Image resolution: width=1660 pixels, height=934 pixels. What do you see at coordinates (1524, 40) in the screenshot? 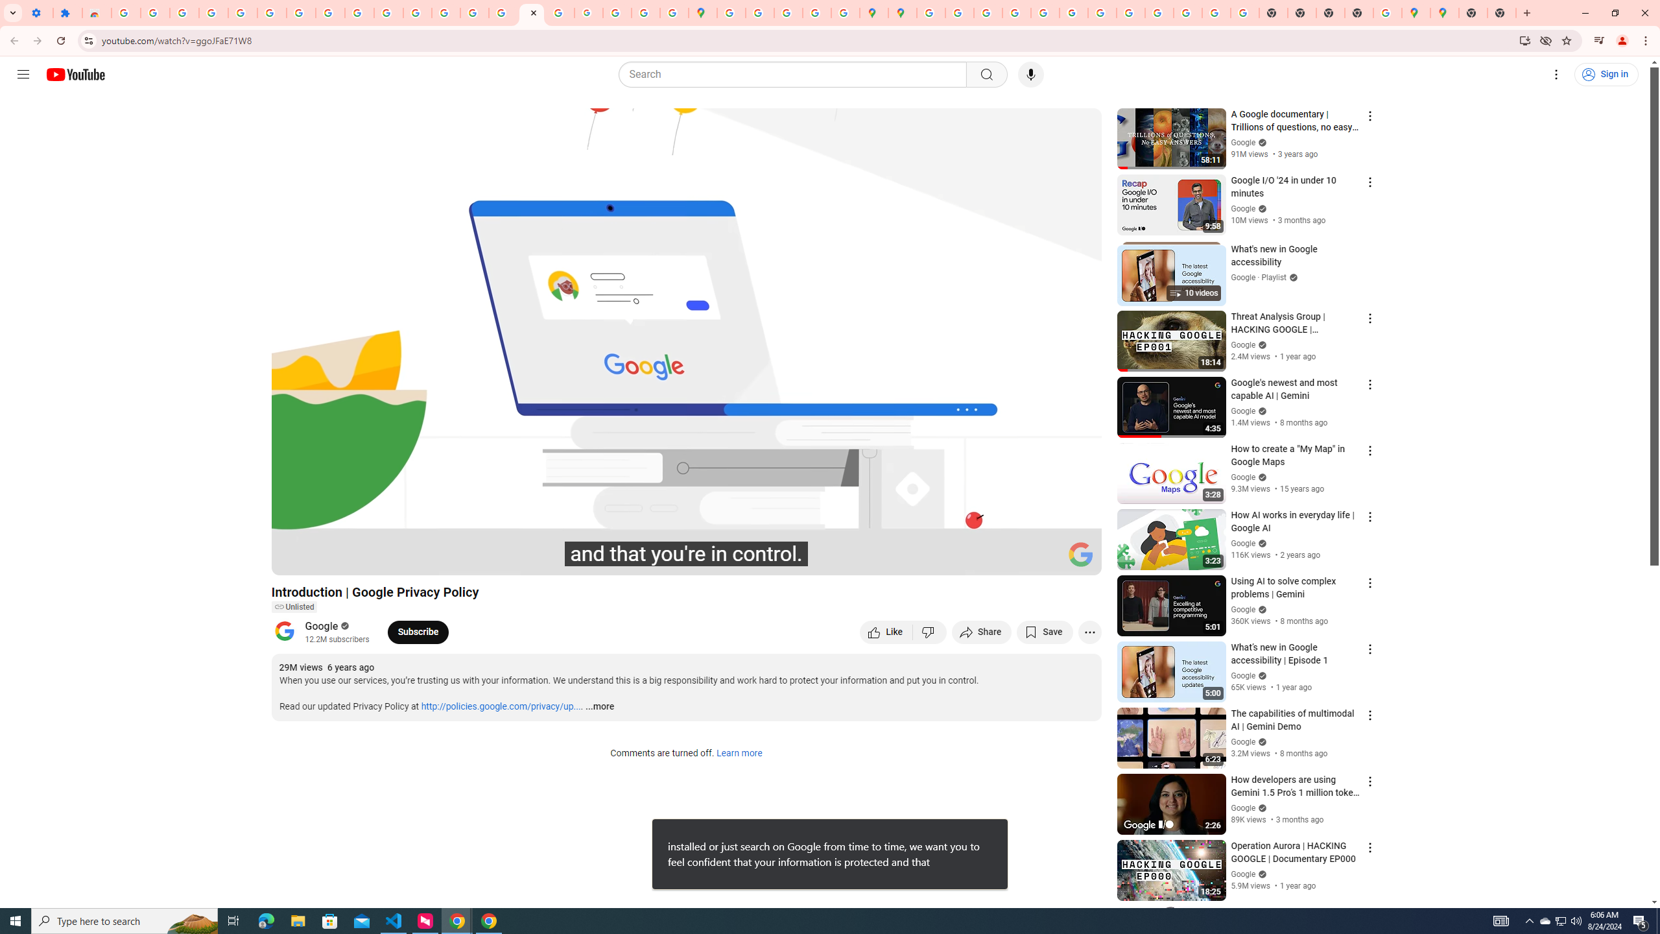
I see `'Install YouTube'` at bounding box center [1524, 40].